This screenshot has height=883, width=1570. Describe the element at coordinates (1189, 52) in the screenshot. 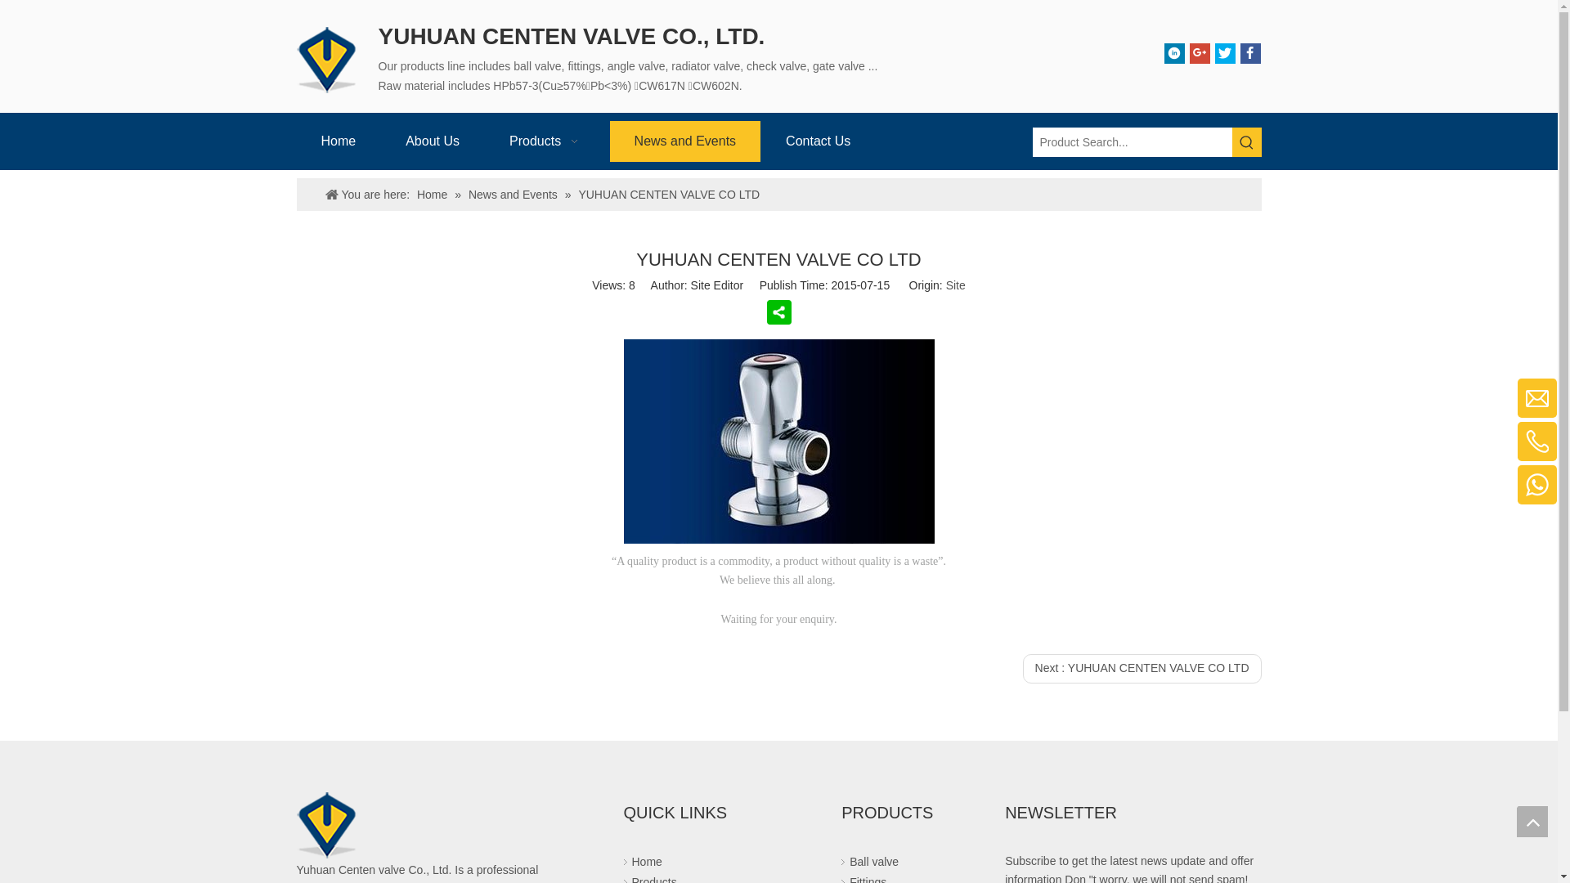

I see `'Google+'` at that location.